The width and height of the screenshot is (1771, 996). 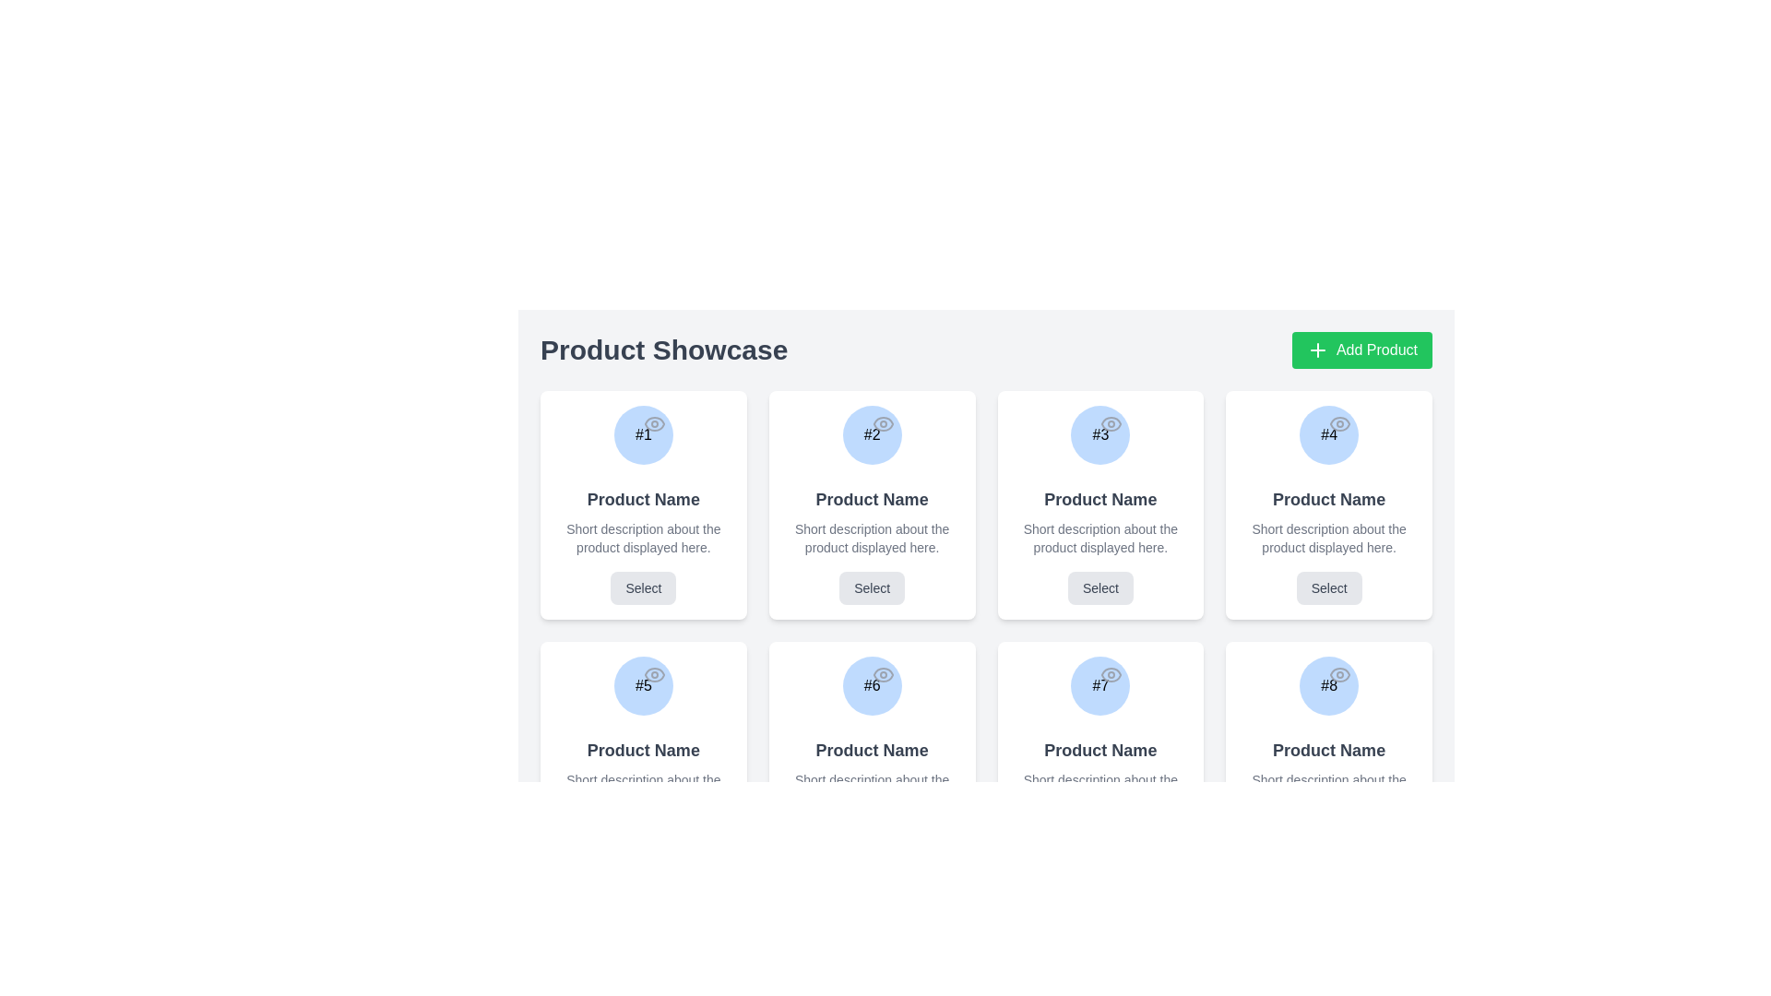 What do you see at coordinates (643, 500) in the screenshot?
I see `the 'Product Name' text label, which is bold, larger in font size, and dark gray, located below the circular blue icon labeled '#1'` at bounding box center [643, 500].